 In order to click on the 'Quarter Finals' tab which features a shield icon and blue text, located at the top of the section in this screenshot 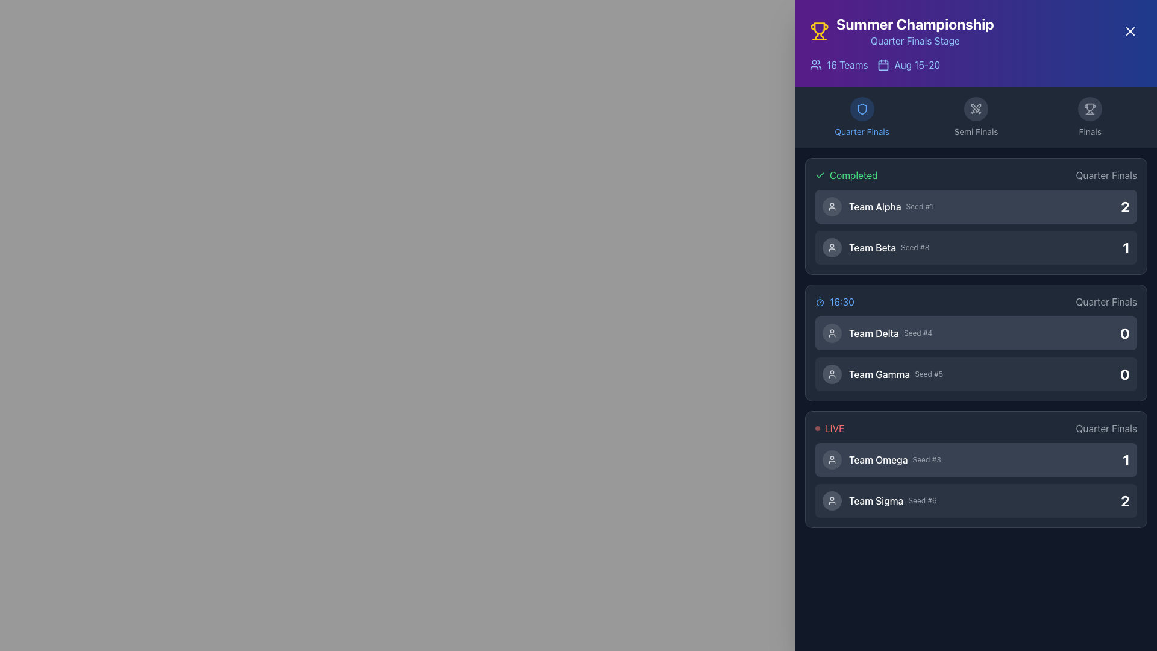, I will do `click(861, 118)`.